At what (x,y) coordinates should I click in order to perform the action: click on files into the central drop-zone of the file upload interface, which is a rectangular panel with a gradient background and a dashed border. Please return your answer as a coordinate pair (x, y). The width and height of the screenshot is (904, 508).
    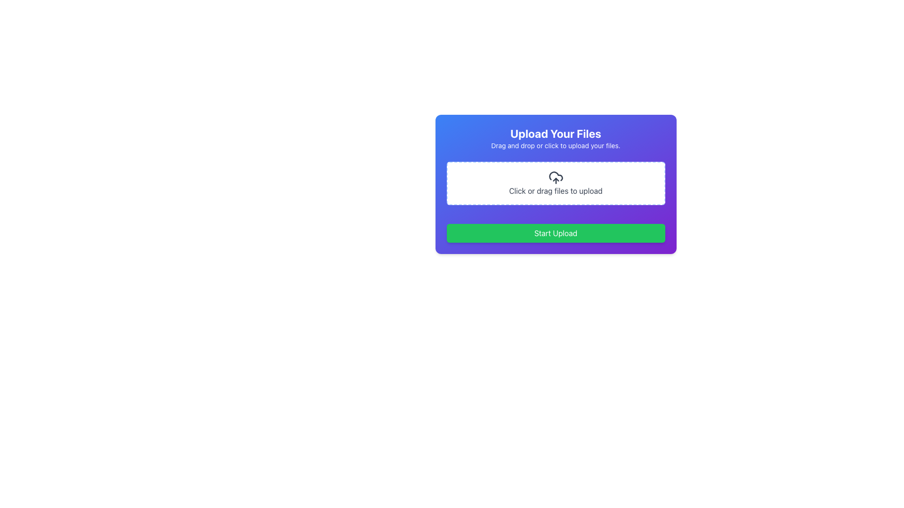
    Looking at the image, I should click on (556, 184).